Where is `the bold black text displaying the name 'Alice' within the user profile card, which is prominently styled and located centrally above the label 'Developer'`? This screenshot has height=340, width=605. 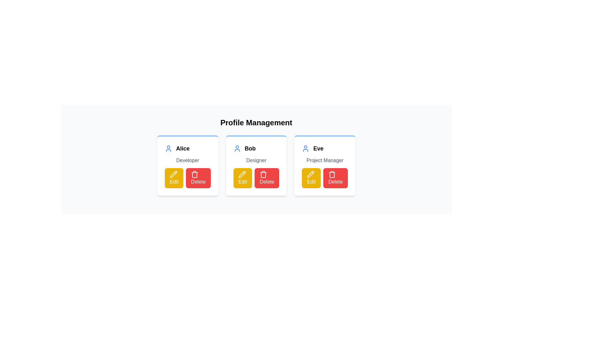
the bold black text displaying the name 'Alice' within the user profile card, which is prominently styled and located centrally above the label 'Developer' is located at coordinates (182, 148).